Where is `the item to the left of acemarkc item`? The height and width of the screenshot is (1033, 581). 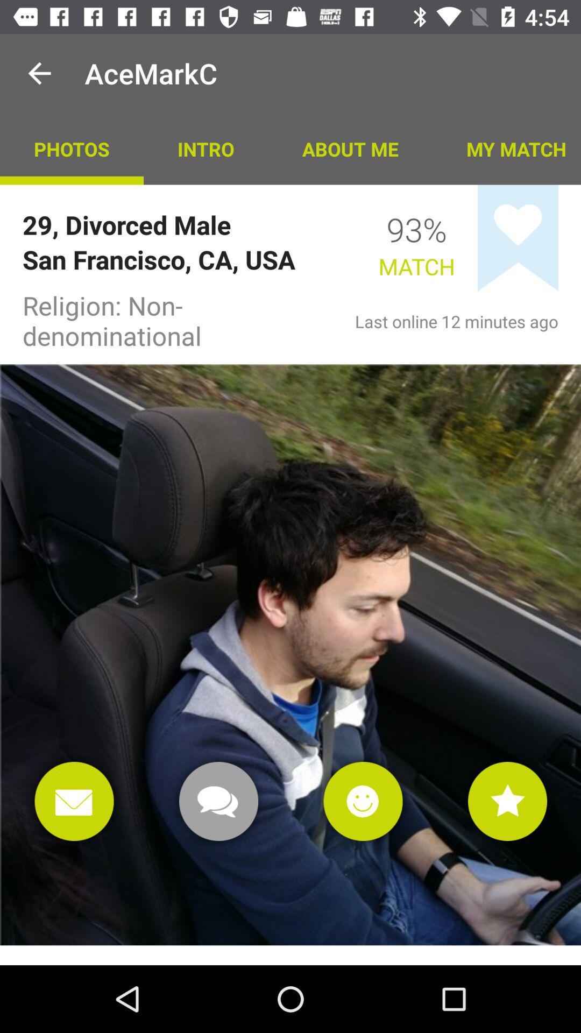 the item to the left of acemarkc item is located at coordinates (39, 73).